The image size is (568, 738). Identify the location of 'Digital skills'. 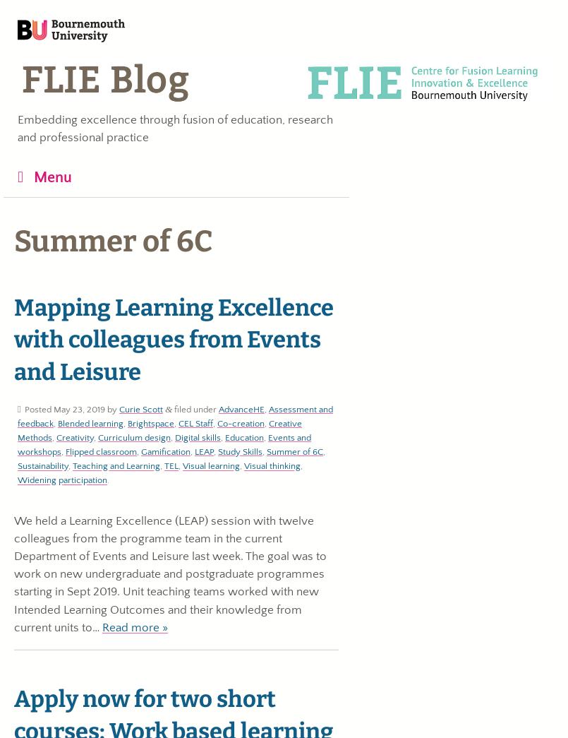
(198, 436).